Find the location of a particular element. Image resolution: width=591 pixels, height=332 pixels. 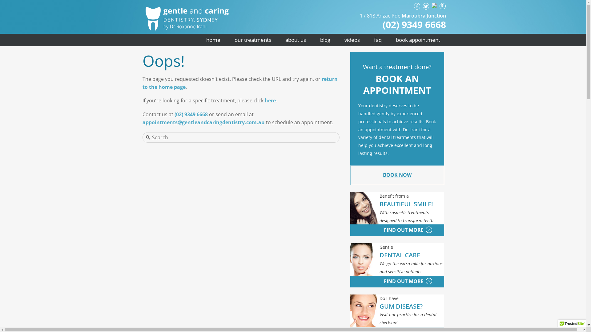

'here' is located at coordinates (270, 100).